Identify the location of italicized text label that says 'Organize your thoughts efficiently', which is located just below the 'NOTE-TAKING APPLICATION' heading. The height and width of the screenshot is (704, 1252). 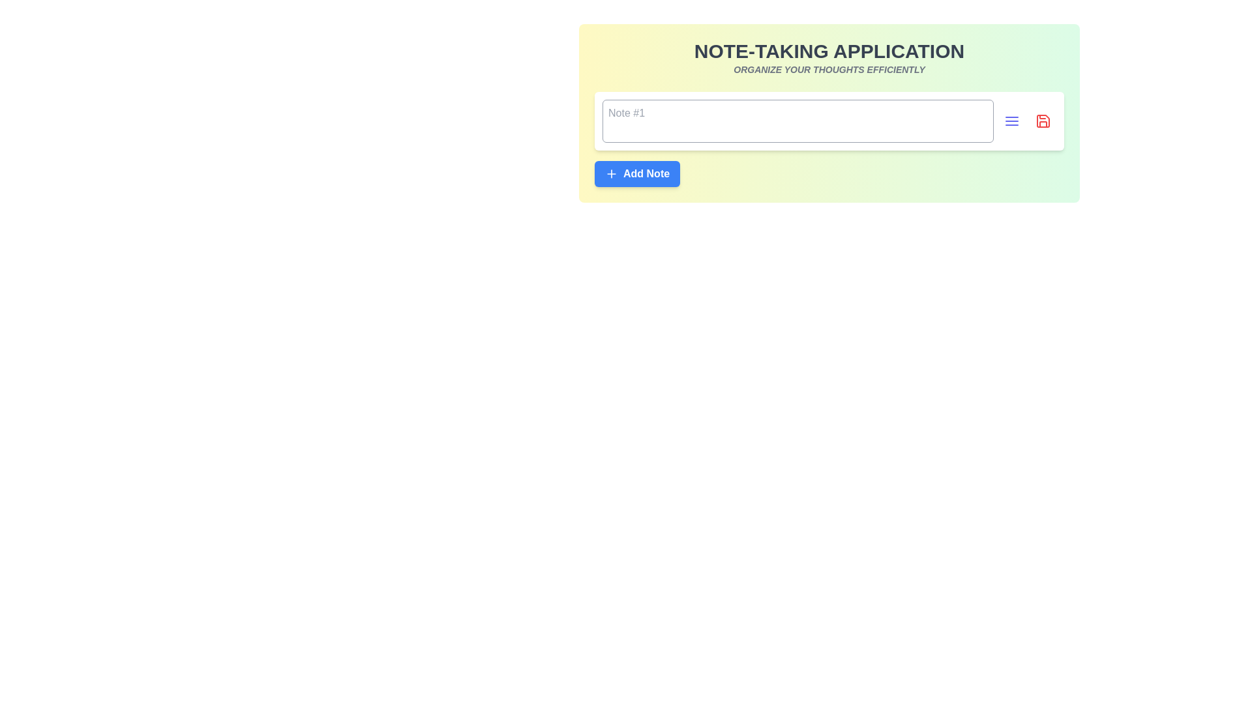
(829, 70).